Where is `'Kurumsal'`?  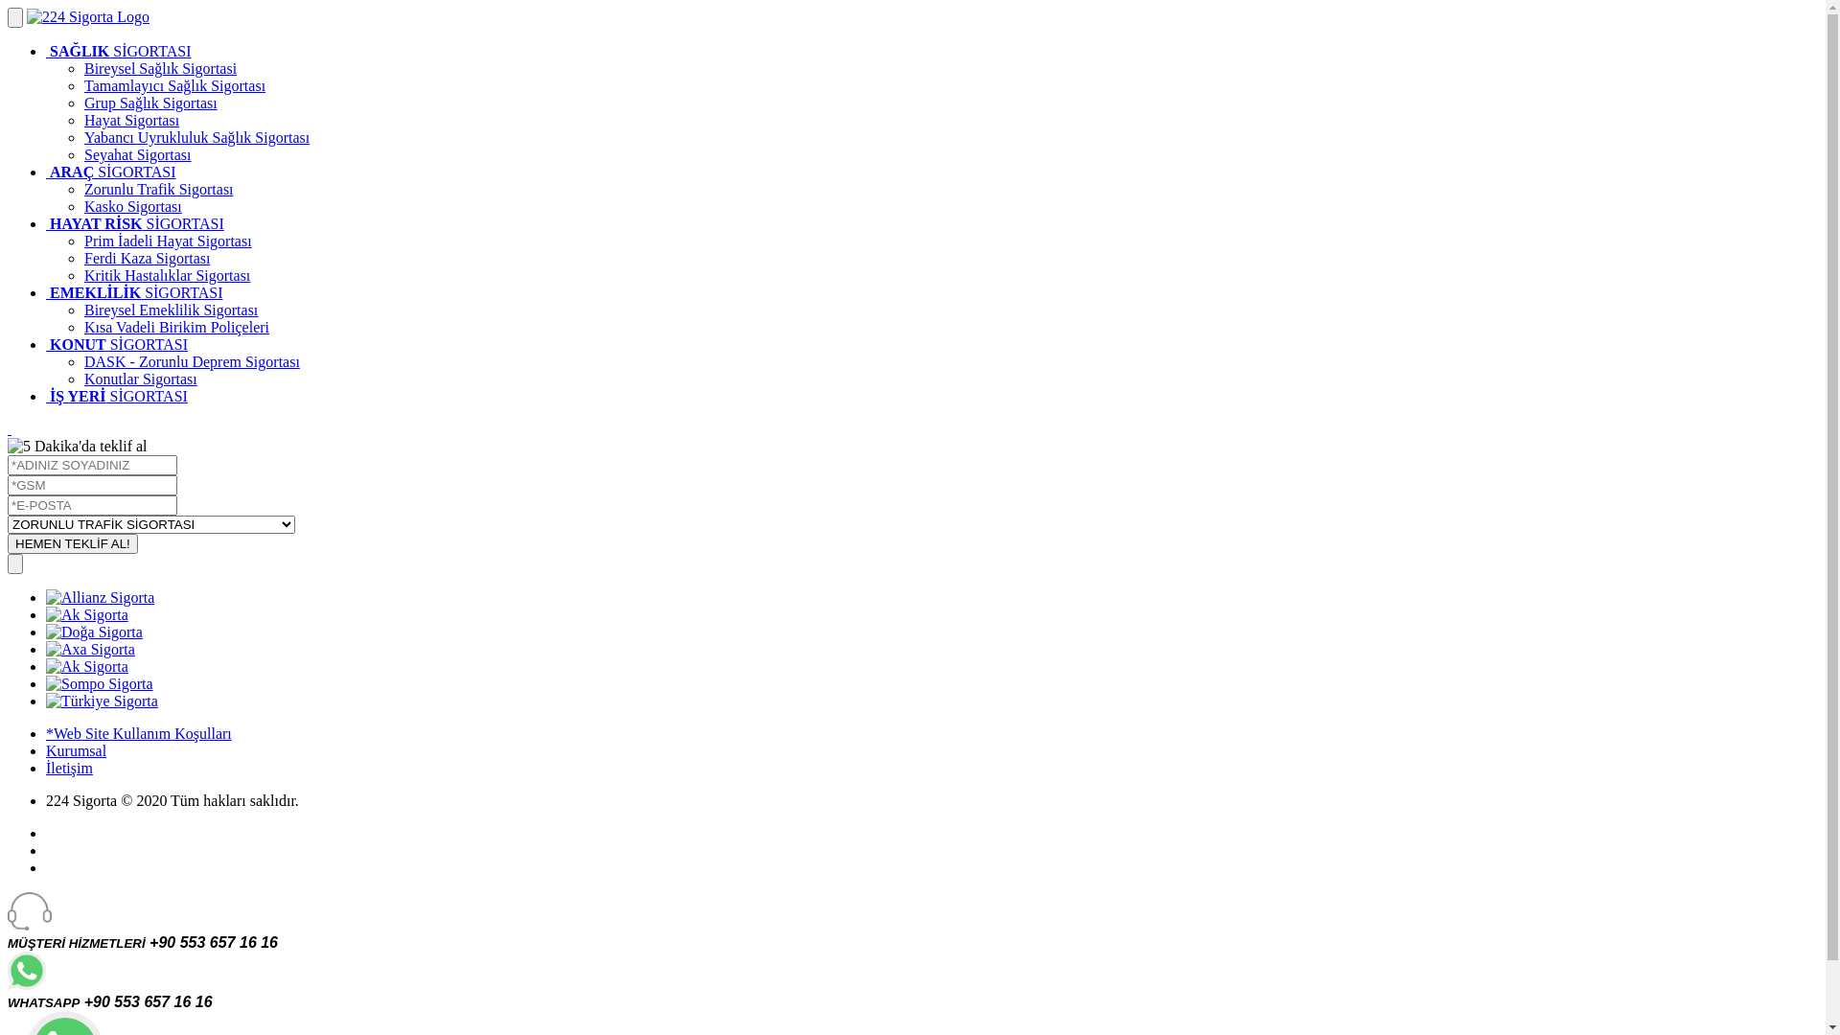 'Kurumsal' is located at coordinates (76, 749).